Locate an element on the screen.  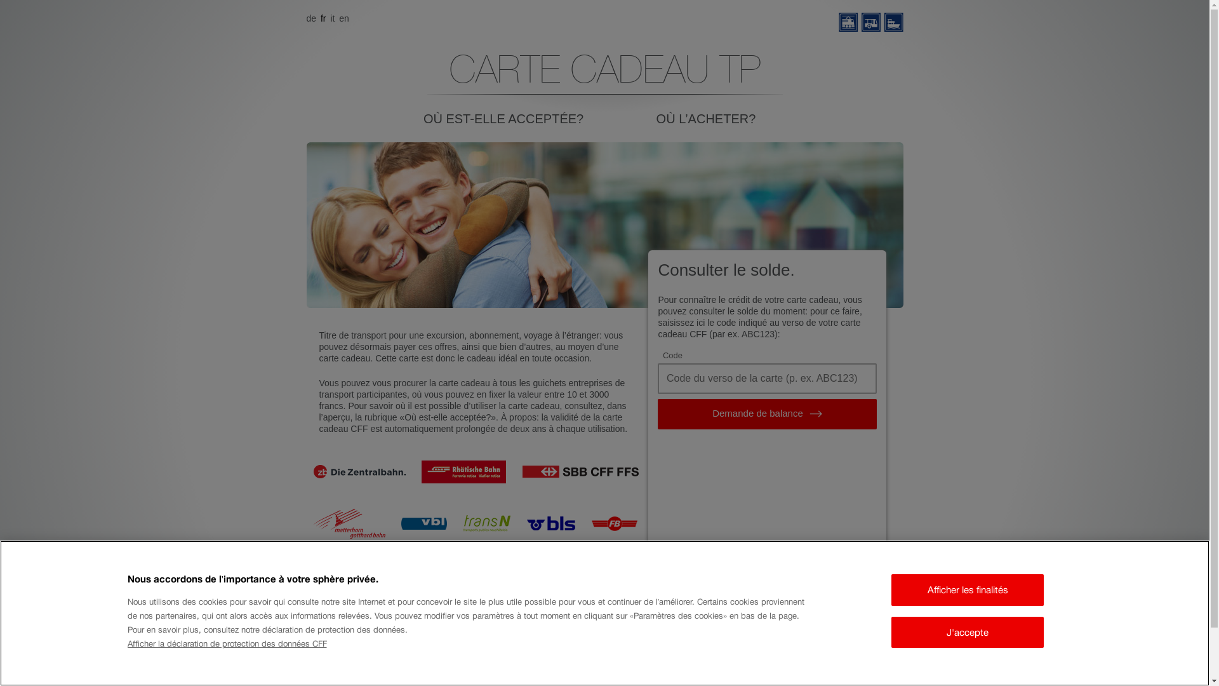
'it' is located at coordinates (333, 18).